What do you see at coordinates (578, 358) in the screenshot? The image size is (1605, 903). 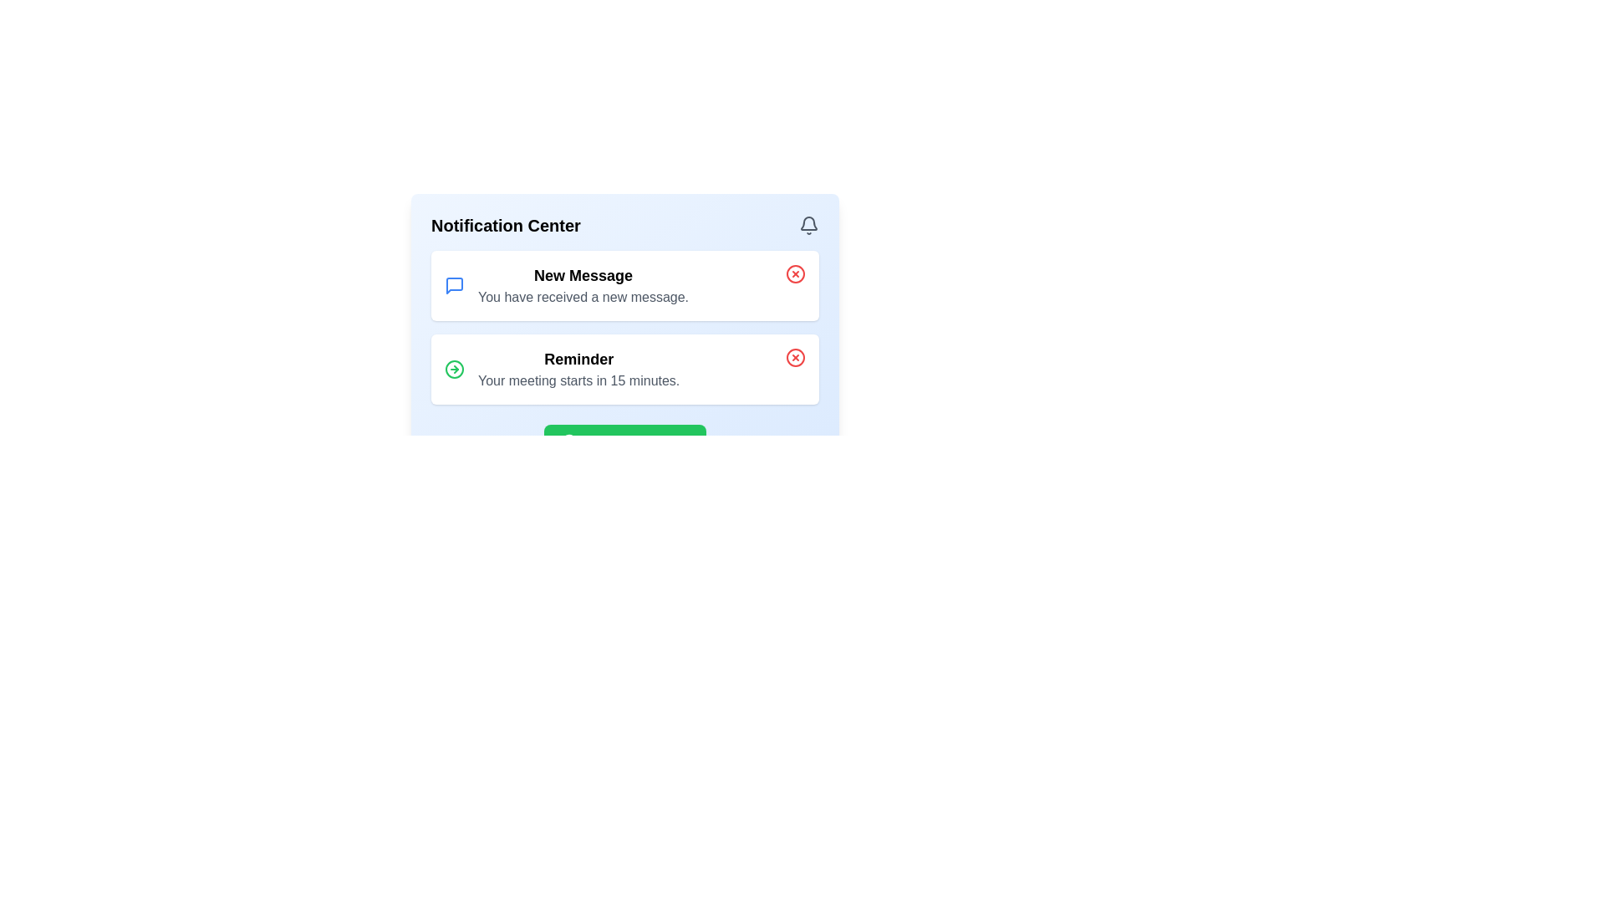 I see `text label that says 'Reminder', which is styled in bold and larger font as part of a notification card` at bounding box center [578, 358].